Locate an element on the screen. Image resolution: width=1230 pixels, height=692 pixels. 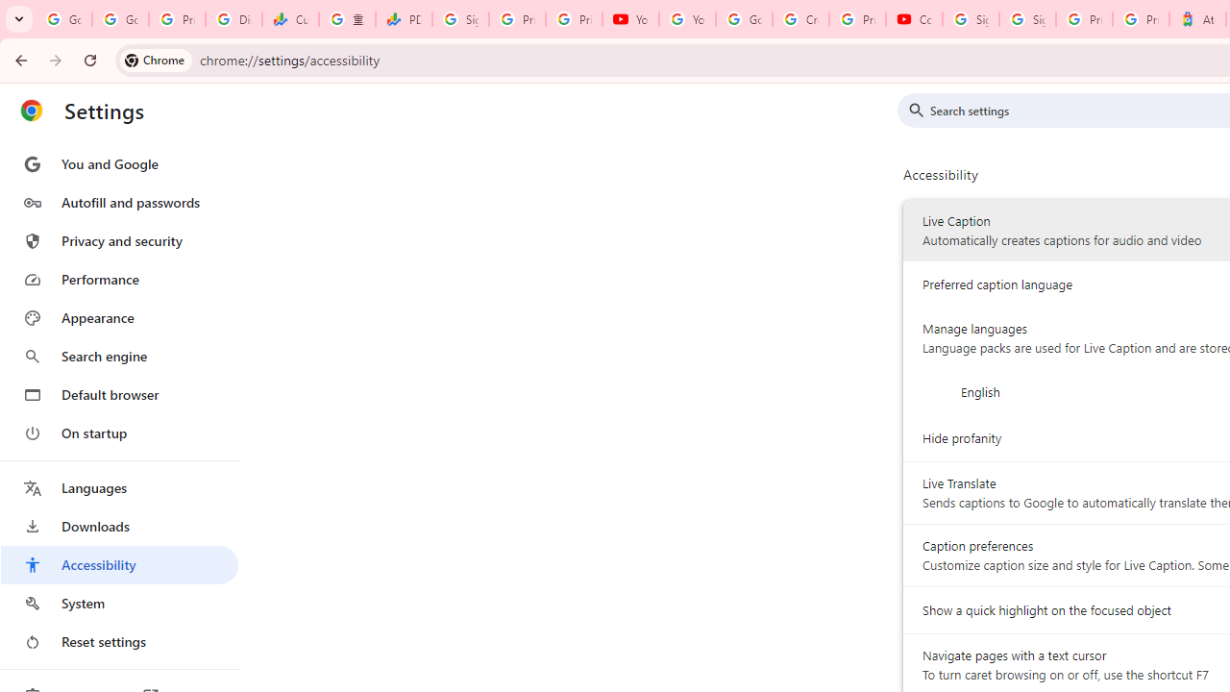
'Privacy and security' is located at coordinates (118, 239).